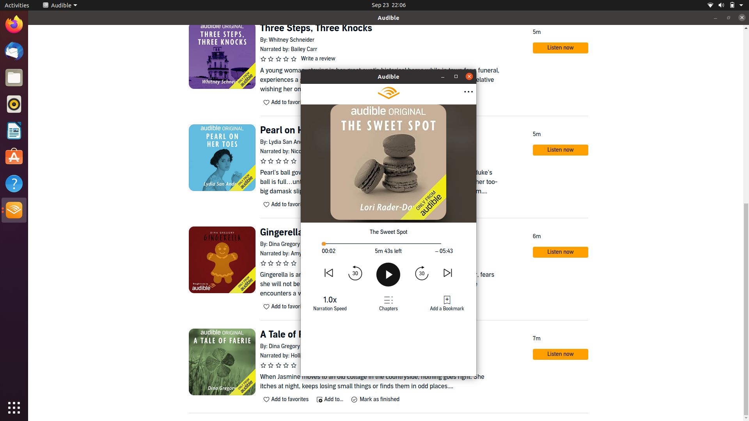 The image size is (749, 421). What do you see at coordinates (421, 272) in the screenshot?
I see `Proceed one minute ahead in the playback (Hit the 30 seconds forward button two instances)` at bounding box center [421, 272].